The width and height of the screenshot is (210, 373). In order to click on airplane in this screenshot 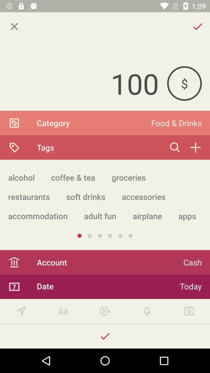, I will do `click(147, 216)`.